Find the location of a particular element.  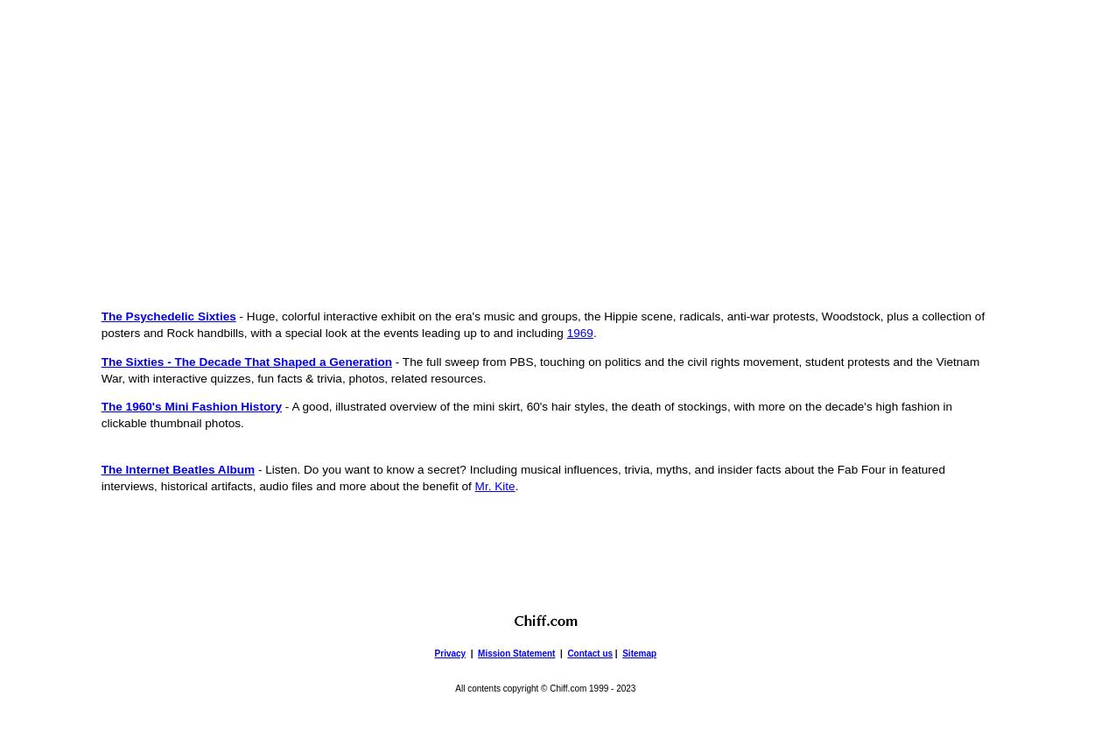

'Privacy' is located at coordinates (450, 652).